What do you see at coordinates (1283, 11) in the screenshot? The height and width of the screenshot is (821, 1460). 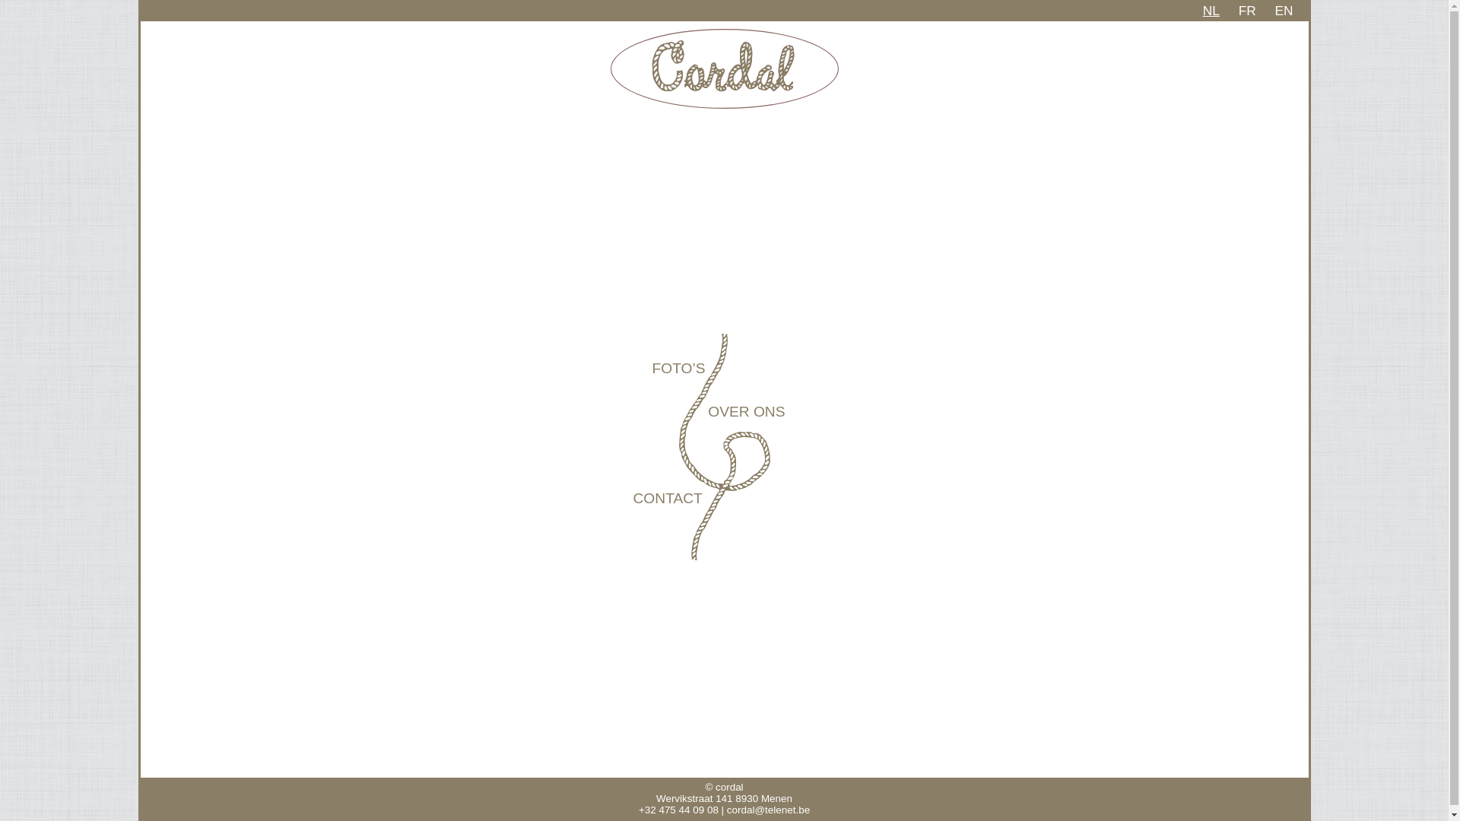 I see `'EN'` at bounding box center [1283, 11].